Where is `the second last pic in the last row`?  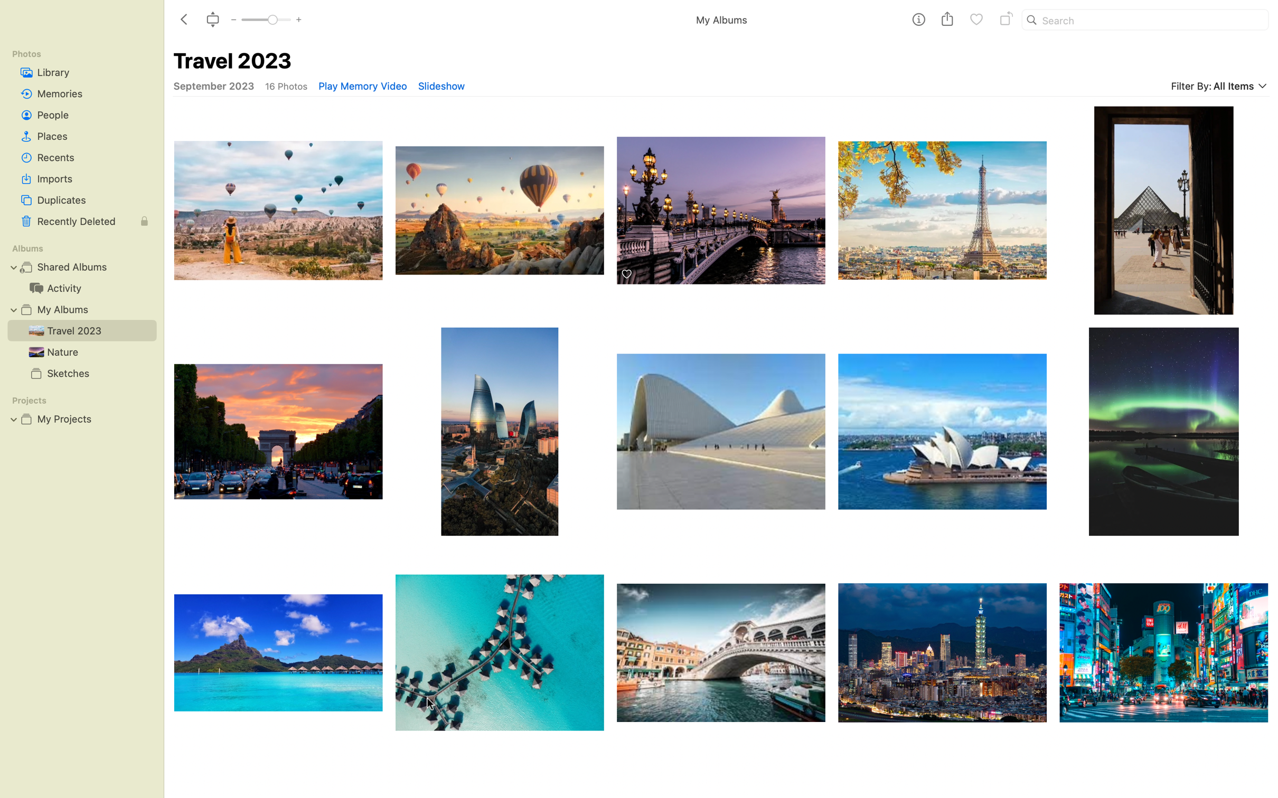
the second last pic in the last row is located at coordinates (943, 664).